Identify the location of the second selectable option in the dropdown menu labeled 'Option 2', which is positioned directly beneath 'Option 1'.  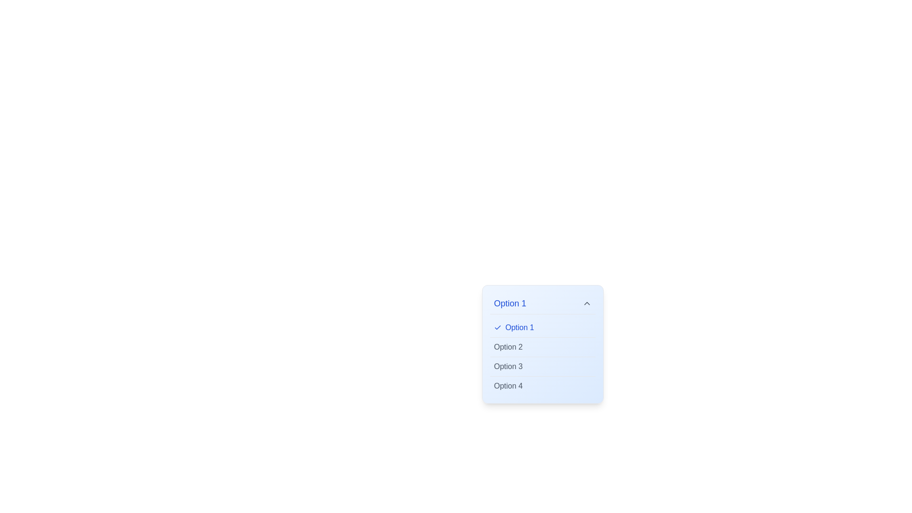
(542, 344).